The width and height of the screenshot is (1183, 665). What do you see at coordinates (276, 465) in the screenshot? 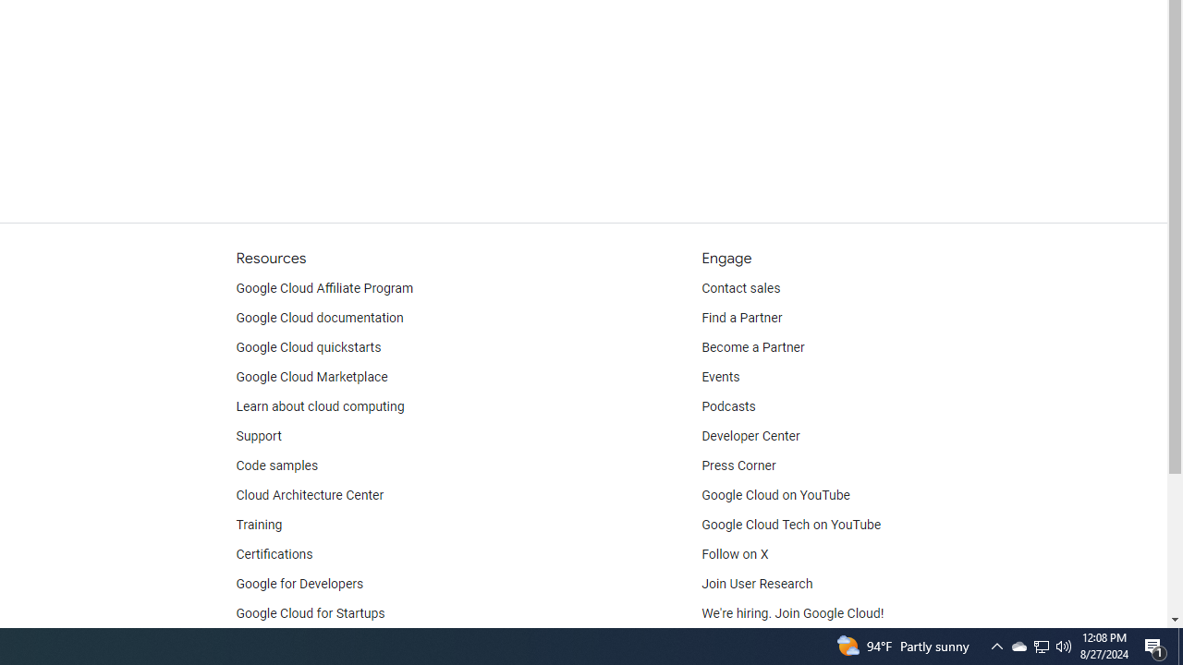
I see `'Code samples'` at bounding box center [276, 465].